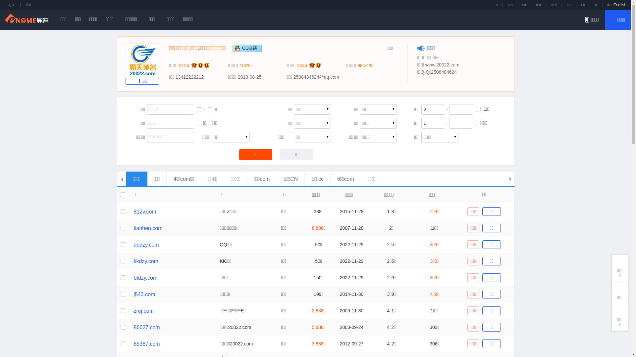  I want to click on 'qqdzy.com', so click(146, 245).